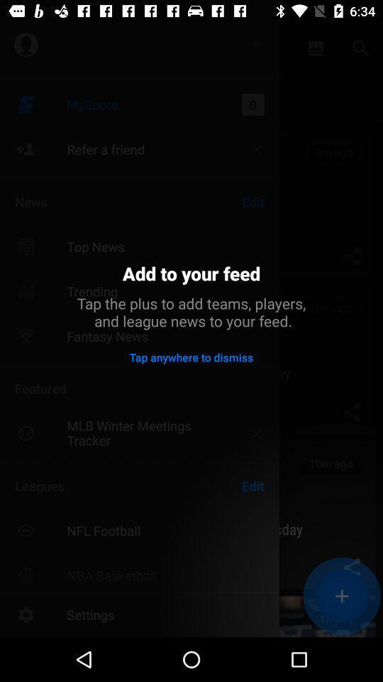 The width and height of the screenshot is (383, 682). What do you see at coordinates (341, 596) in the screenshot?
I see `the add icon` at bounding box center [341, 596].